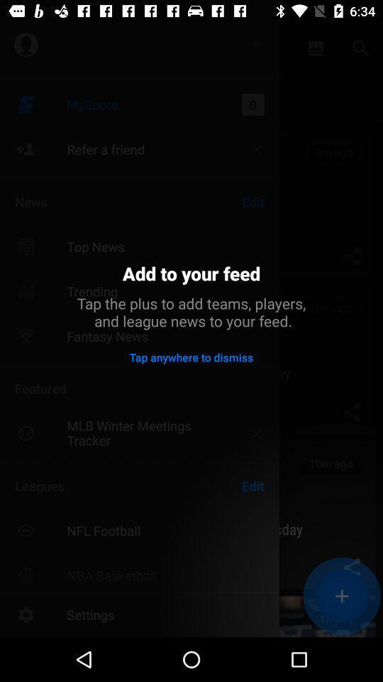 The width and height of the screenshot is (383, 682). What do you see at coordinates (341, 596) in the screenshot?
I see `the add icon` at bounding box center [341, 596].